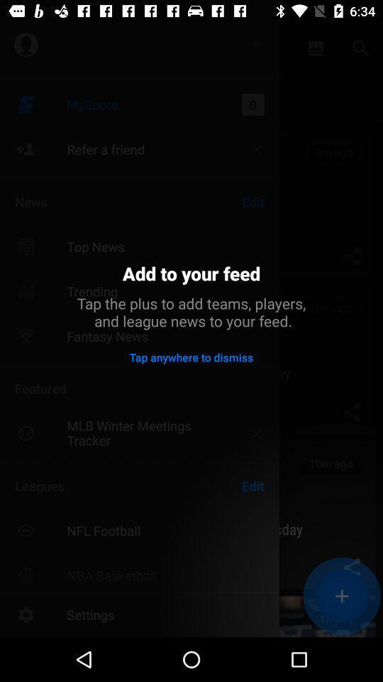 The width and height of the screenshot is (383, 682). What do you see at coordinates (341, 596) in the screenshot?
I see `the add icon` at bounding box center [341, 596].